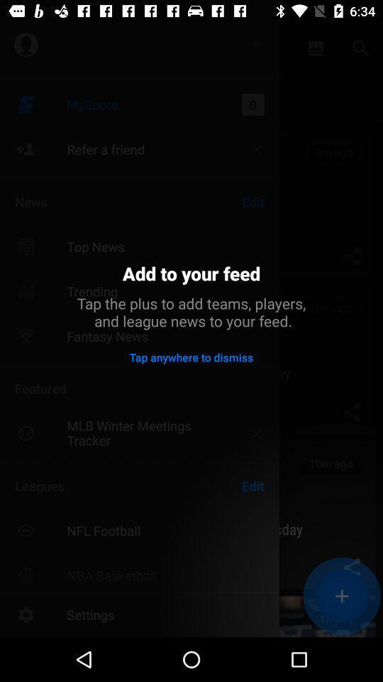 The width and height of the screenshot is (383, 682). What do you see at coordinates (341, 596) in the screenshot?
I see `the add icon` at bounding box center [341, 596].